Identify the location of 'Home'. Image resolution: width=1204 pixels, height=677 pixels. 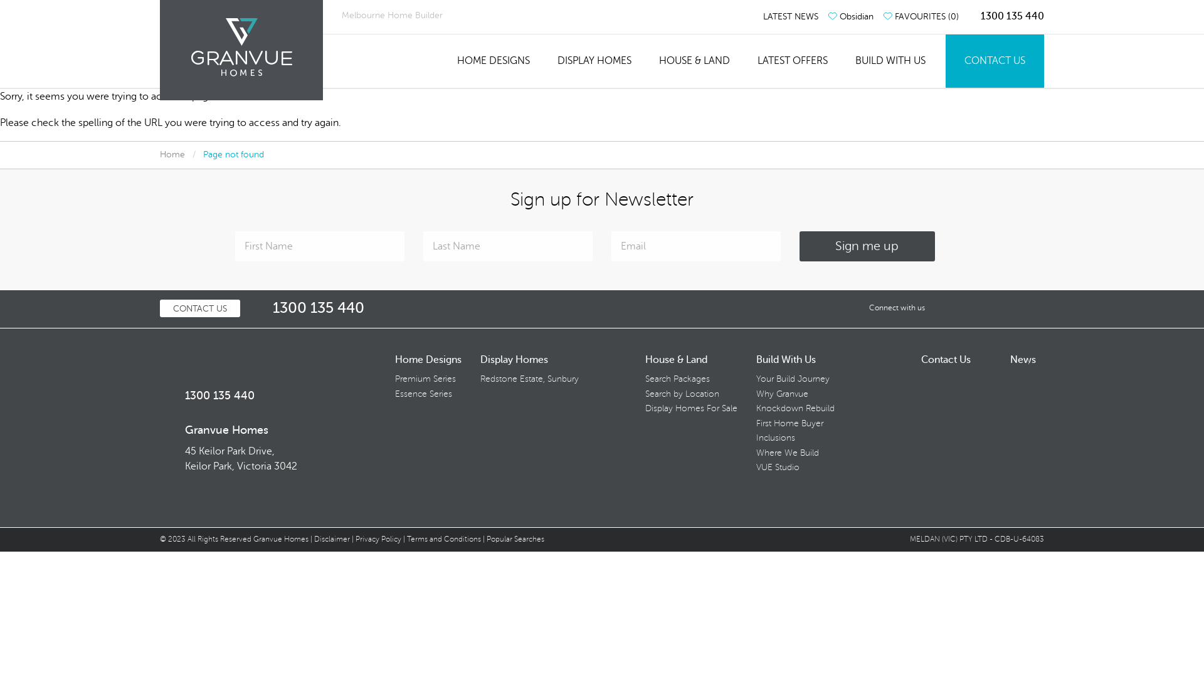
(159, 154).